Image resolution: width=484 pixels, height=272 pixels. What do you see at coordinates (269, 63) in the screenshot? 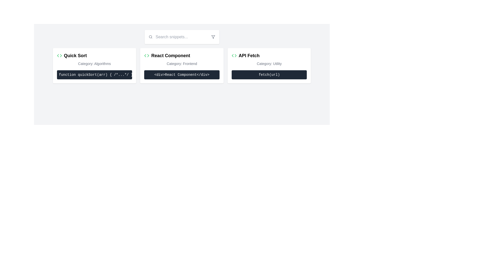
I see `text content of the Text Label that classifies the card's content under the category 'Utility', located within the 'API Fetch' card, positioned between the main title and the code snippet 'fetch(url)'` at bounding box center [269, 63].